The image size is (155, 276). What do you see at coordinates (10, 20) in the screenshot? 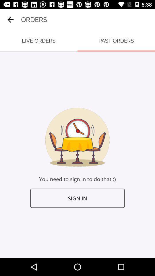
I see `icon next to the orders item` at bounding box center [10, 20].